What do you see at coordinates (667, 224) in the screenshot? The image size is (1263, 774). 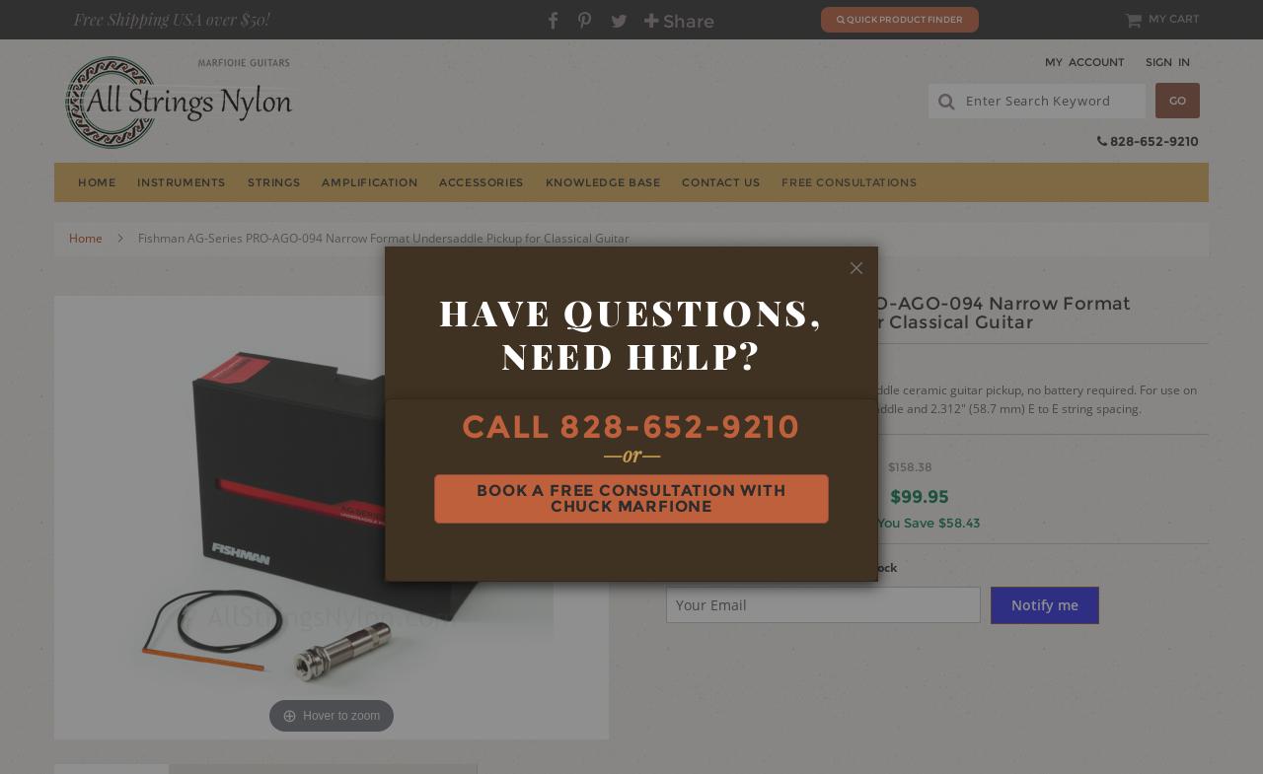 I see `'Banjo'` at bounding box center [667, 224].